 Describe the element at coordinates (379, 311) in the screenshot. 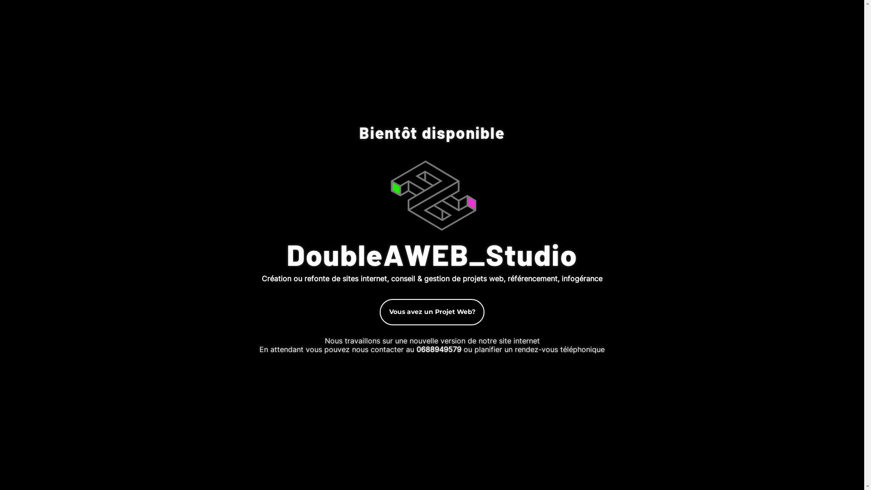

I see `'Vous avez un Projet Web?'` at that location.